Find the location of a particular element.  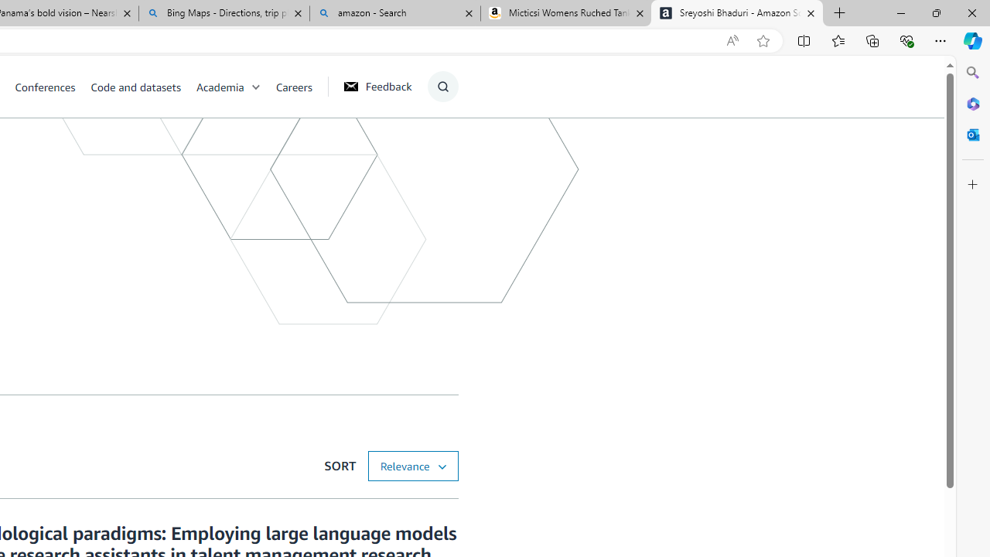

'Careers' is located at coordinates (301, 86).